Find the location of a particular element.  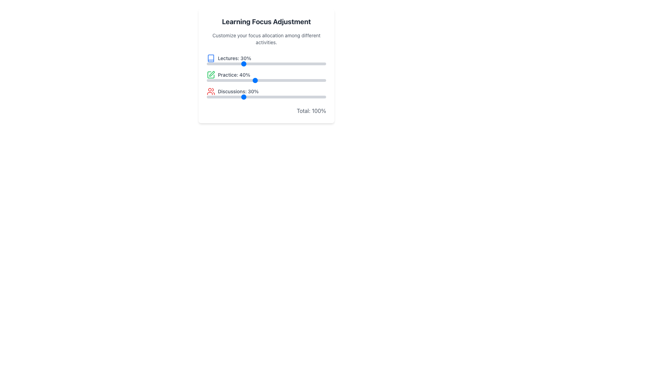

the slider is located at coordinates (297, 64).